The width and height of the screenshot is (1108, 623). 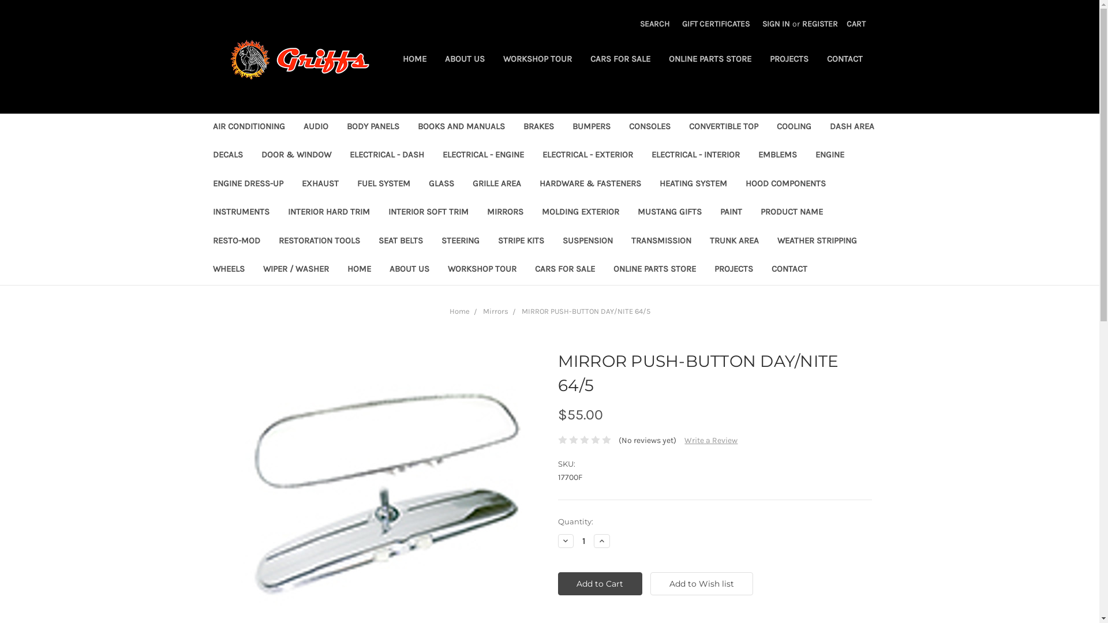 I want to click on 'EXHAUST', so click(x=291, y=184).